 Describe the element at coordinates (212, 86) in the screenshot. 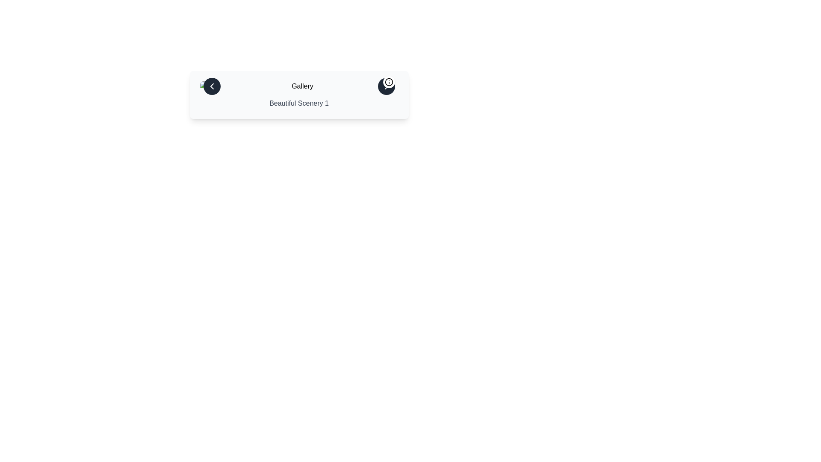

I see `the left-pointing arrow-shaped icon within the circular button on the 'Gallery' card` at that location.